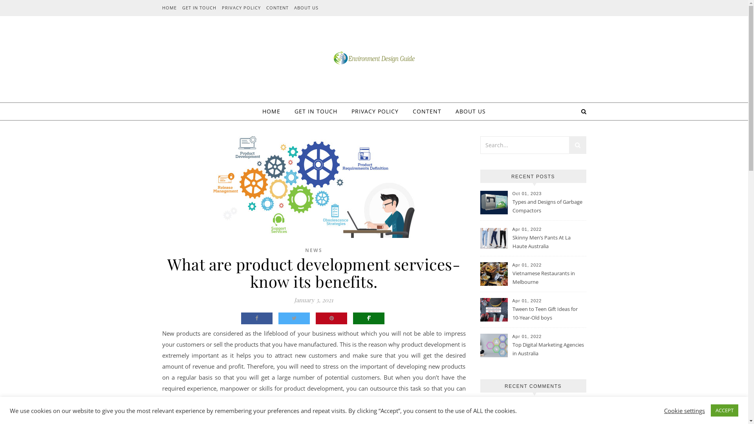 The height and width of the screenshot is (424, 754). Describe the element at coordinates (724, 410) in the screenshot. I see `'ACCEPT'` at that location.